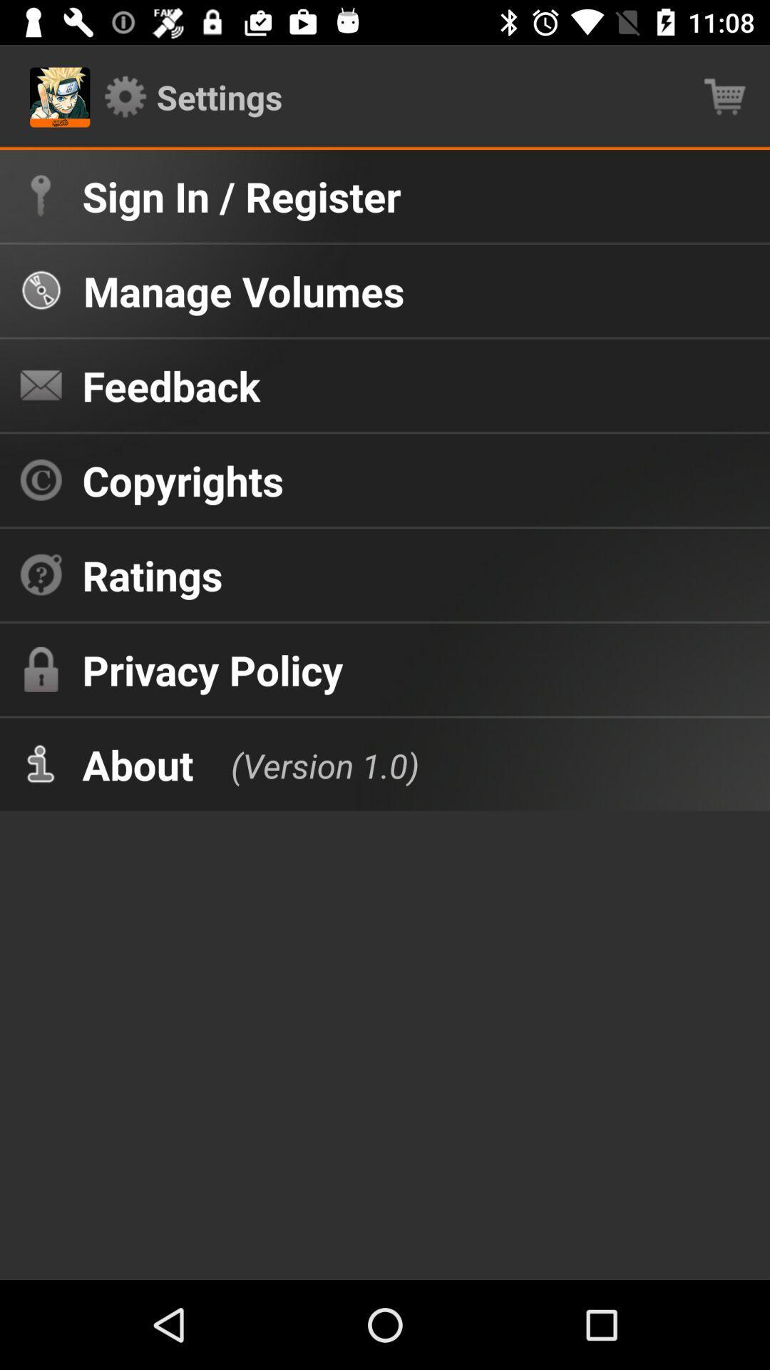  I want to click on item next to the  settings, so click(725, 96).